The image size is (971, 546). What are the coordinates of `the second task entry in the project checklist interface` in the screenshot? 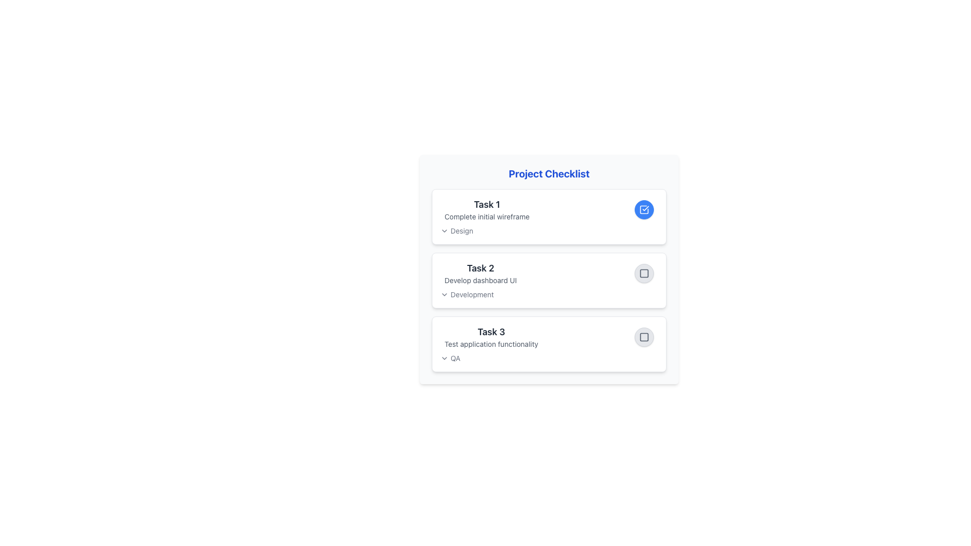 It's located at (548, 273).